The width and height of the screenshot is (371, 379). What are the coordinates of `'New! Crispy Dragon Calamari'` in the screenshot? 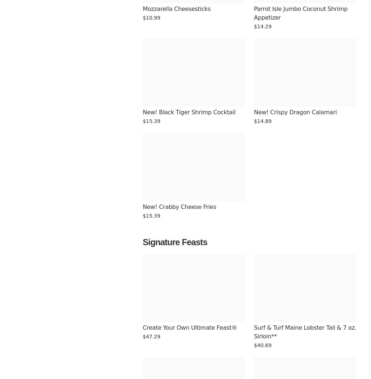 It's located at (295, 112).